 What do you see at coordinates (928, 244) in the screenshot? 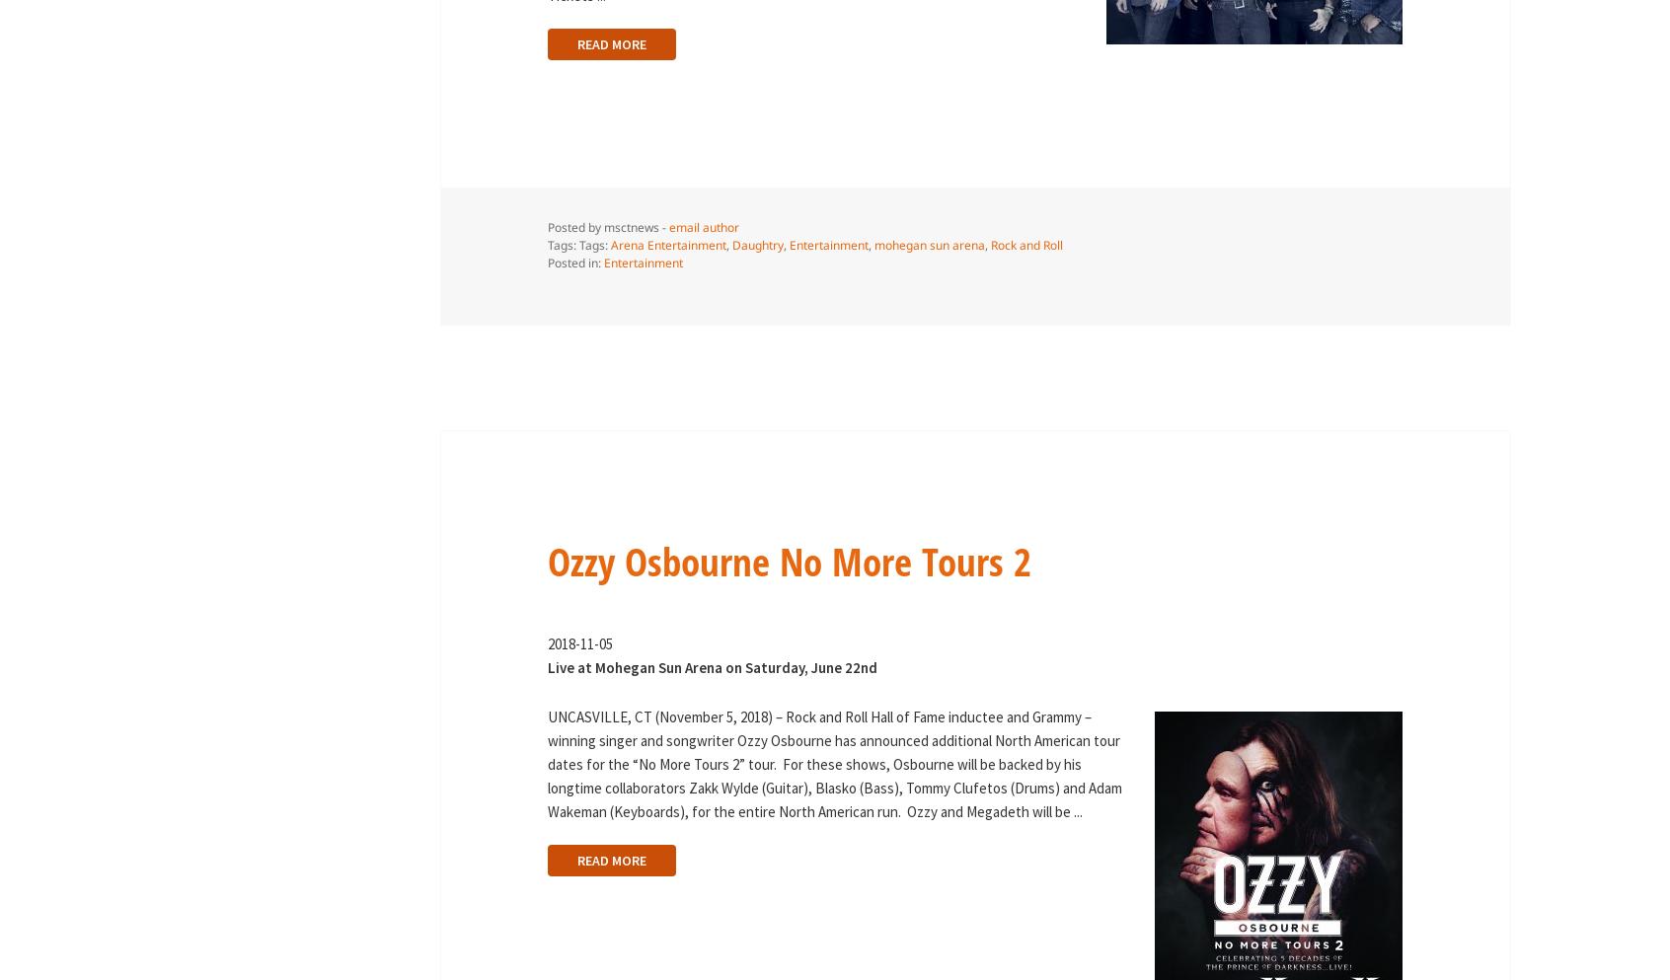
I see `'mohegan sun arena'` at bounding box center [928, 244].